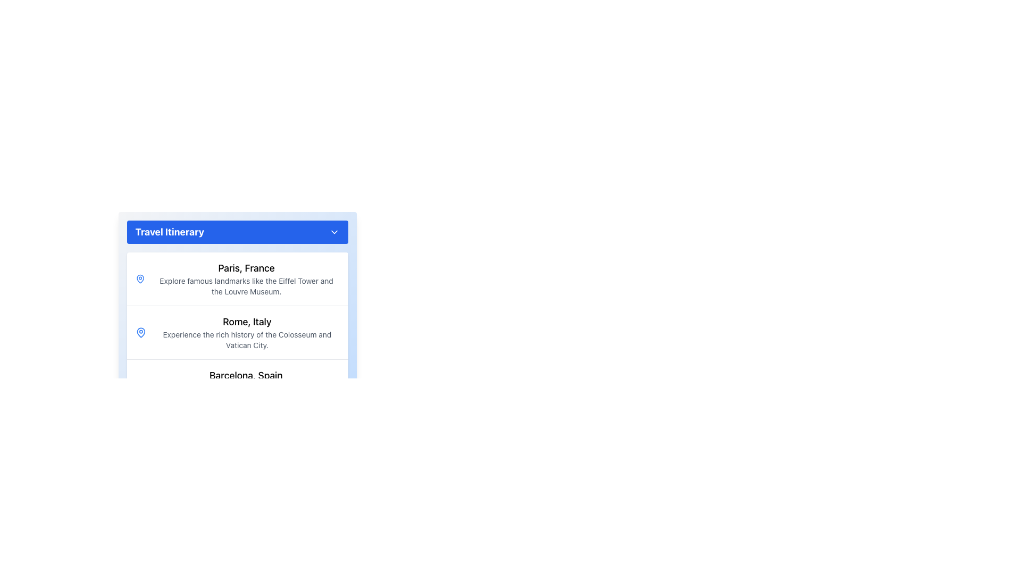 This screenshot has width=1021, height=574. What do you see at coordinates (246, 268) in the screenshot?
I see `the text label displaying 'Paris, France' in bold styling, located at the top of the descriptive section in the travel itinerary interface` at bounding box center [246, 268].